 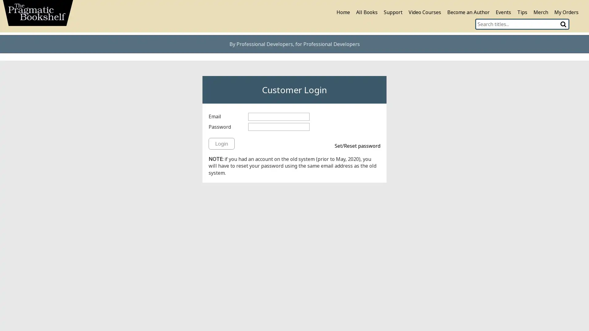 What do you see at coordinates (221, 143) in the screenshot?
I see `Login` at bounding box center [221, 143].